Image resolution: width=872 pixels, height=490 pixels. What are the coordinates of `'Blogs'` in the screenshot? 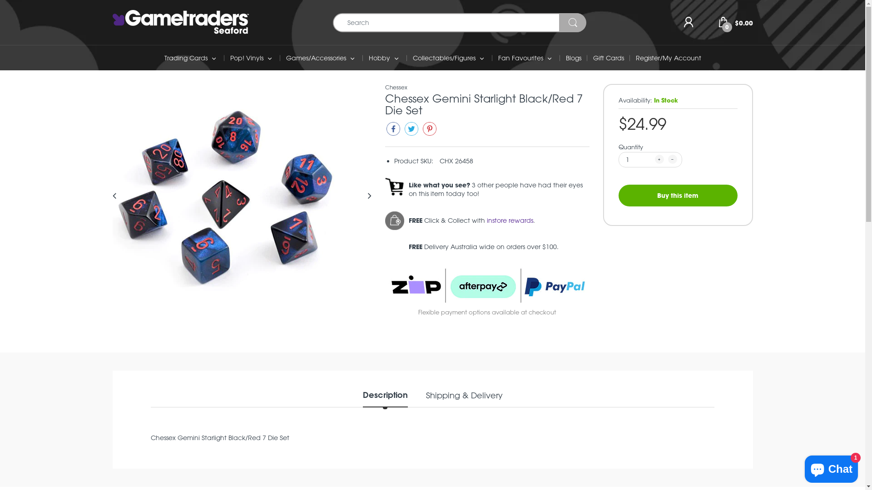 It's located at (573, 58).